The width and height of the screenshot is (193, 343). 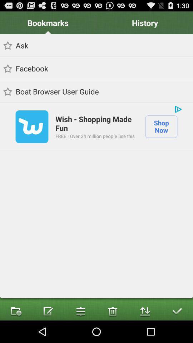 I want to click on the icon to the right of wish shopping made item, so click(x=178, y=109).